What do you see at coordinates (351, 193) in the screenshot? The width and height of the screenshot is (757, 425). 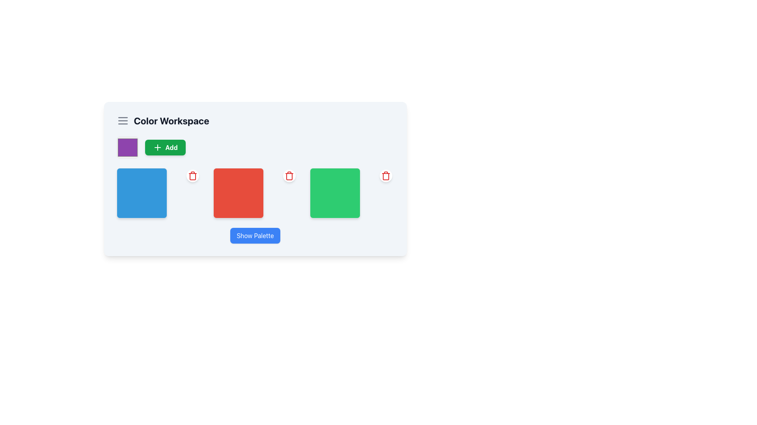 I see `the rectangular green box with rounded corners in the grid layout` at bounding box center [351, 193].